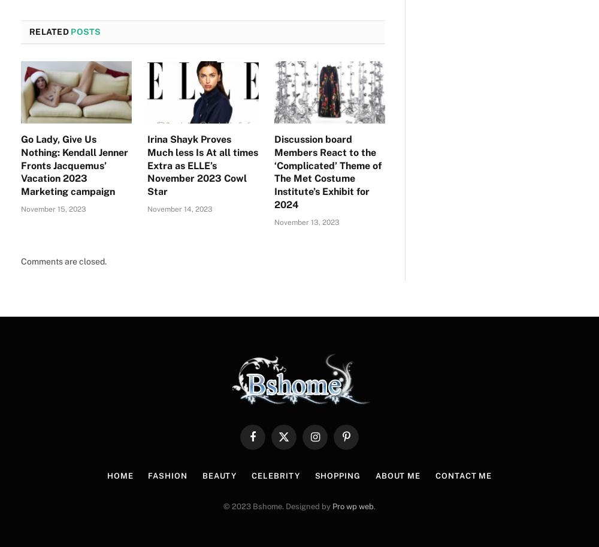 This screenshot has height=547, width=599. I want to click on '© 2023 Bshome. Designed by', so click(277, 506).